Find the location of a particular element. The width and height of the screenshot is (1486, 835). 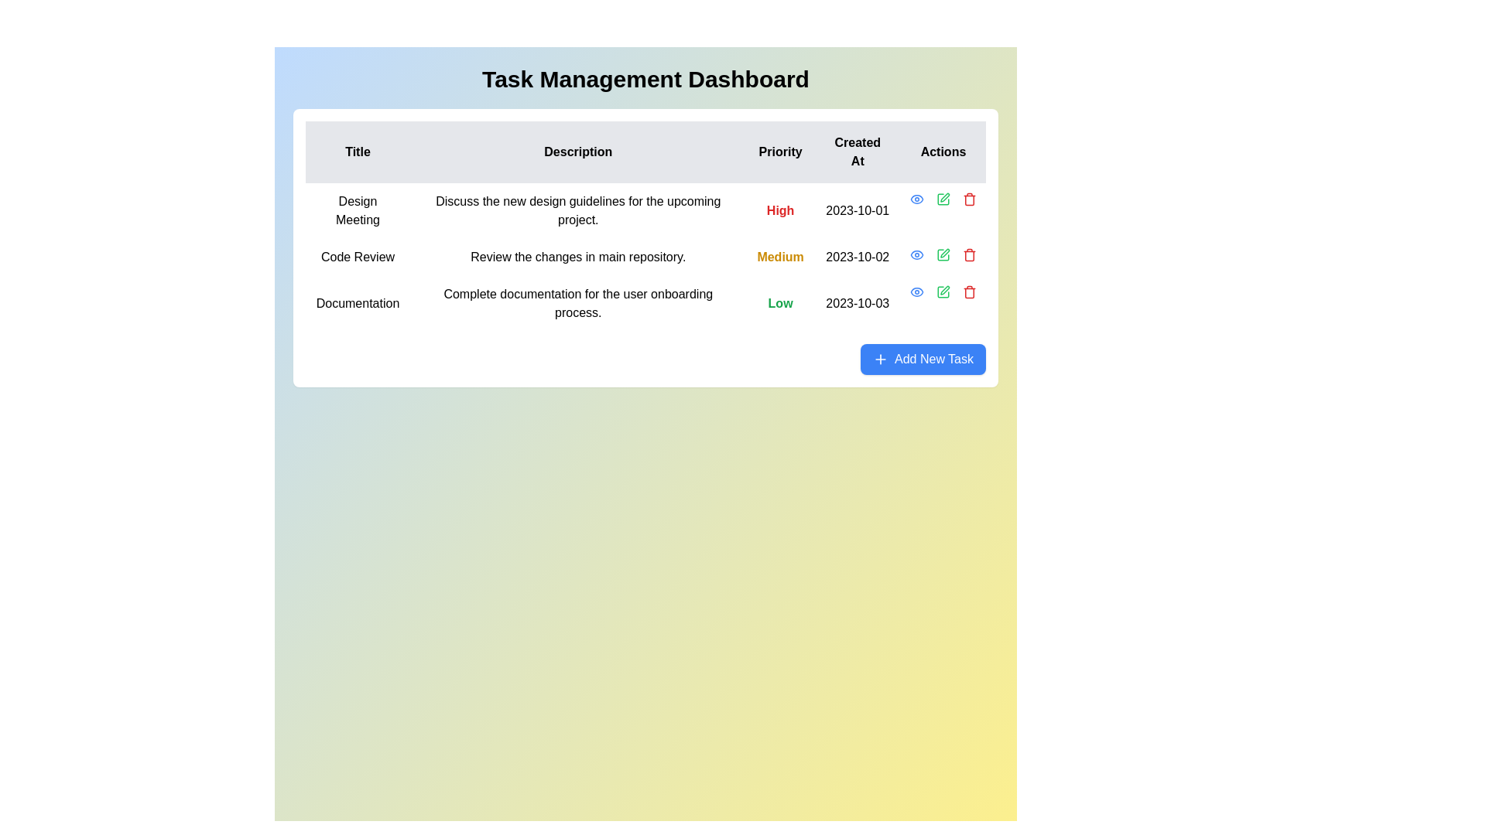

the text element that provides details about the 'Code Review' task, located in the second row of the table under the 'Description' column is located at coordinates (577, 256).